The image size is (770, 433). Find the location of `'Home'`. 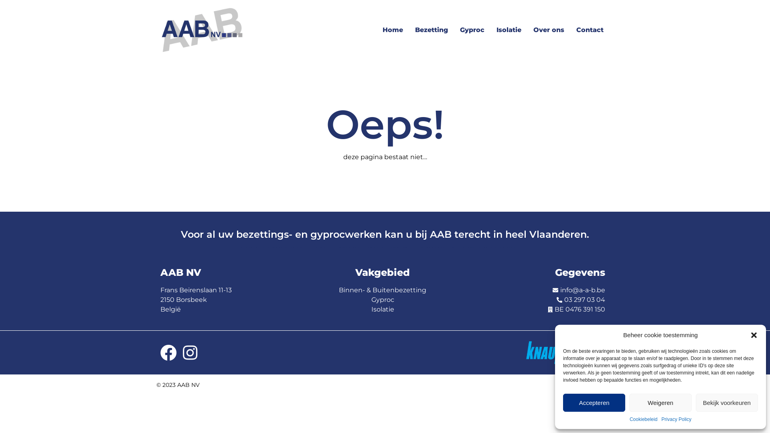

'Home' is located at coordinates (393, 29).